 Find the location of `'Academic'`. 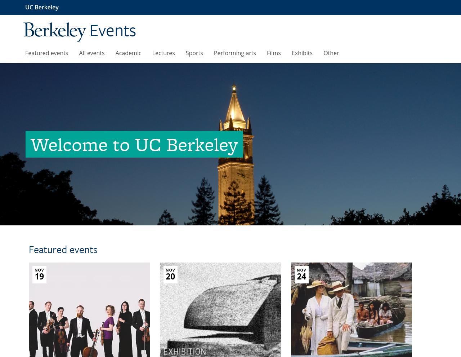

'Academic' is located at coordinates (128, 52).